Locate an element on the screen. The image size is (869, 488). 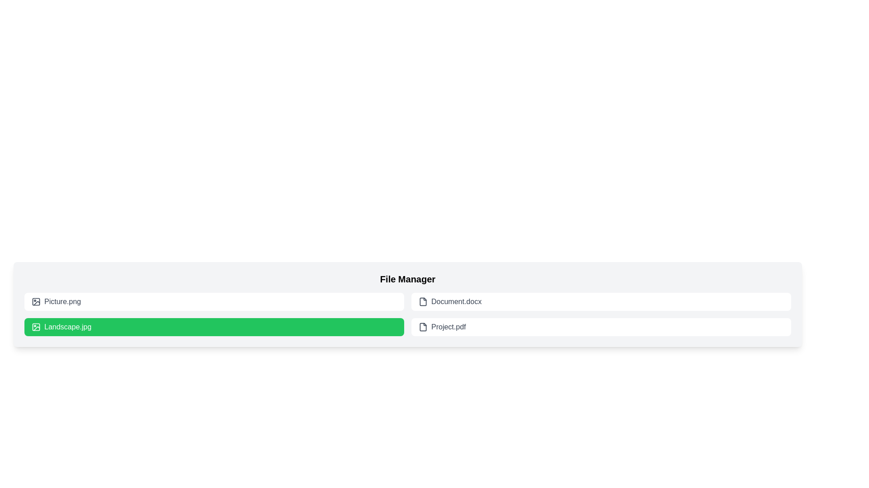
the file item labeled Landscape.jpg is located at coordinates (214, 327).